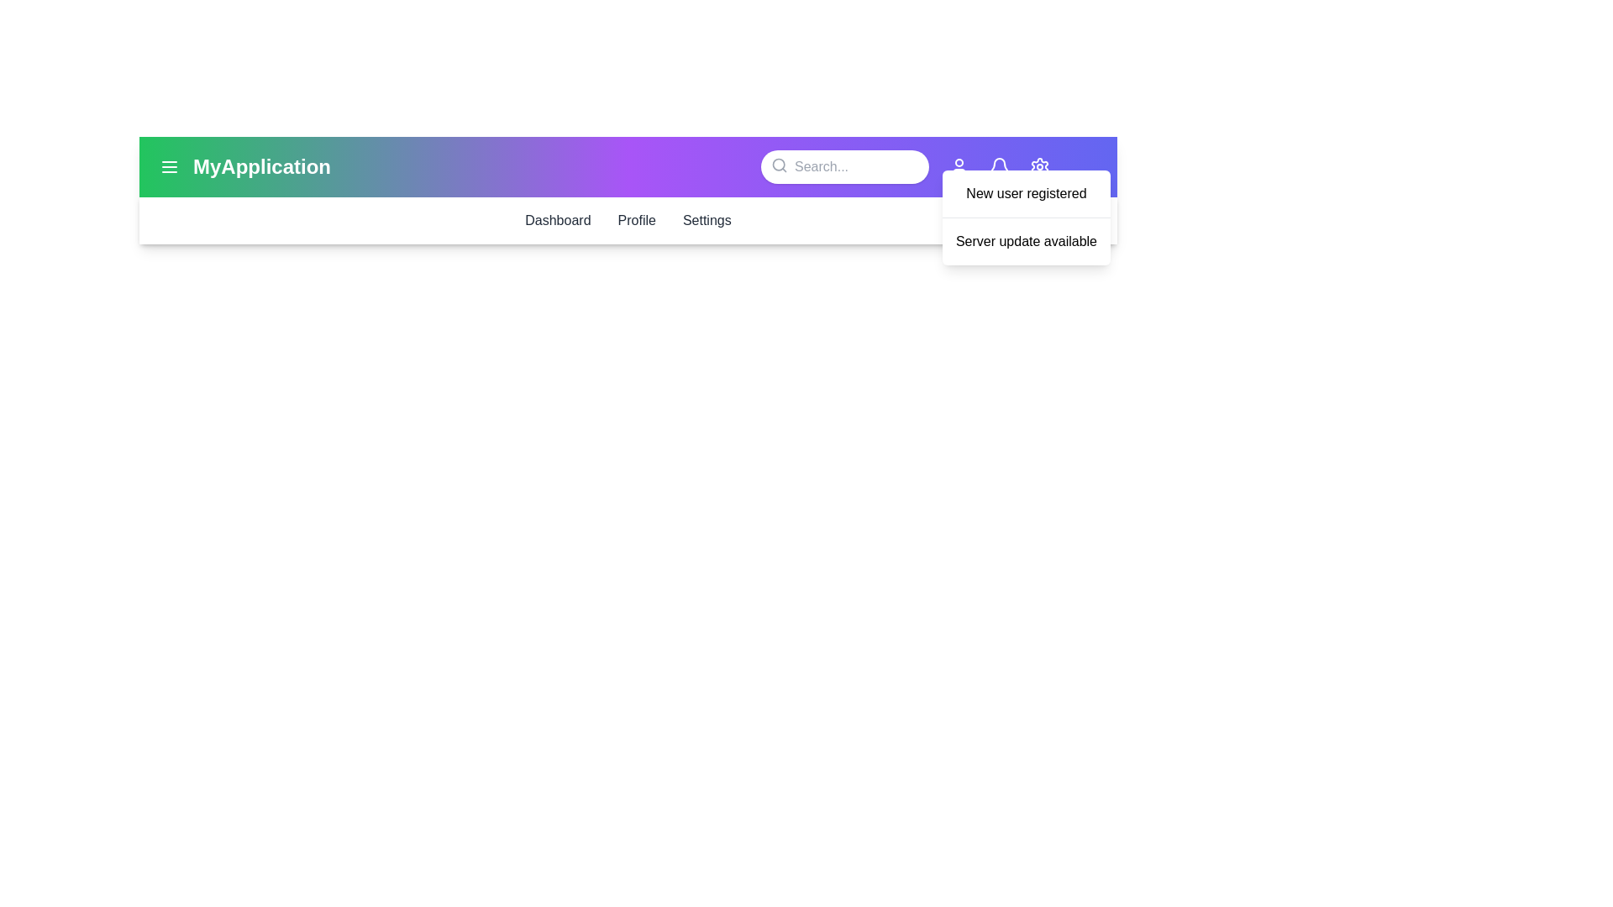  What do you see at coordinates (636, 219) in the screenshot?
I see `the menu item Profile to navigate to the corresponding section` at bounding box center [636, 219].